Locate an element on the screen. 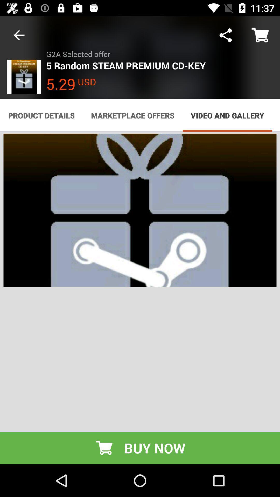 This screenshot has width=280, height=497. icon next to g2a selected offer item is located at coordinates (19, 35).